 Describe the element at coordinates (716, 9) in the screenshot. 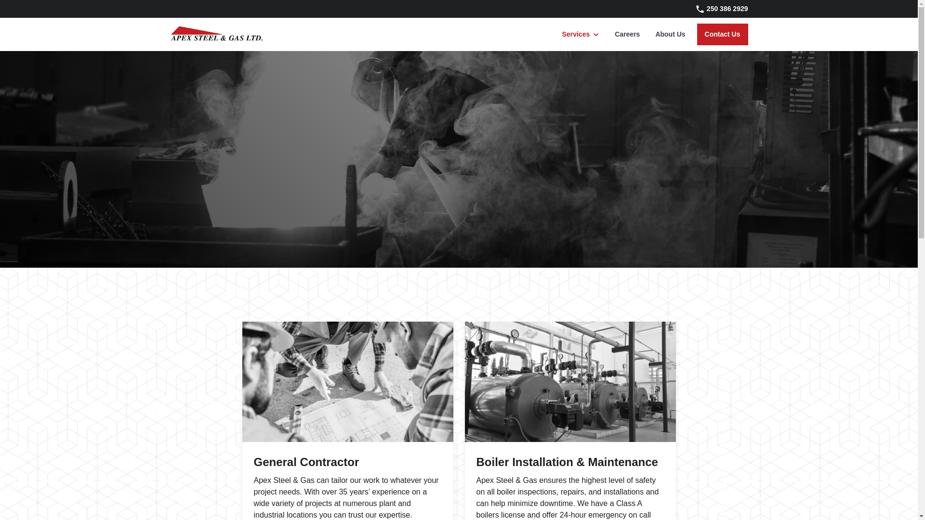

I see `'phone` at that location.